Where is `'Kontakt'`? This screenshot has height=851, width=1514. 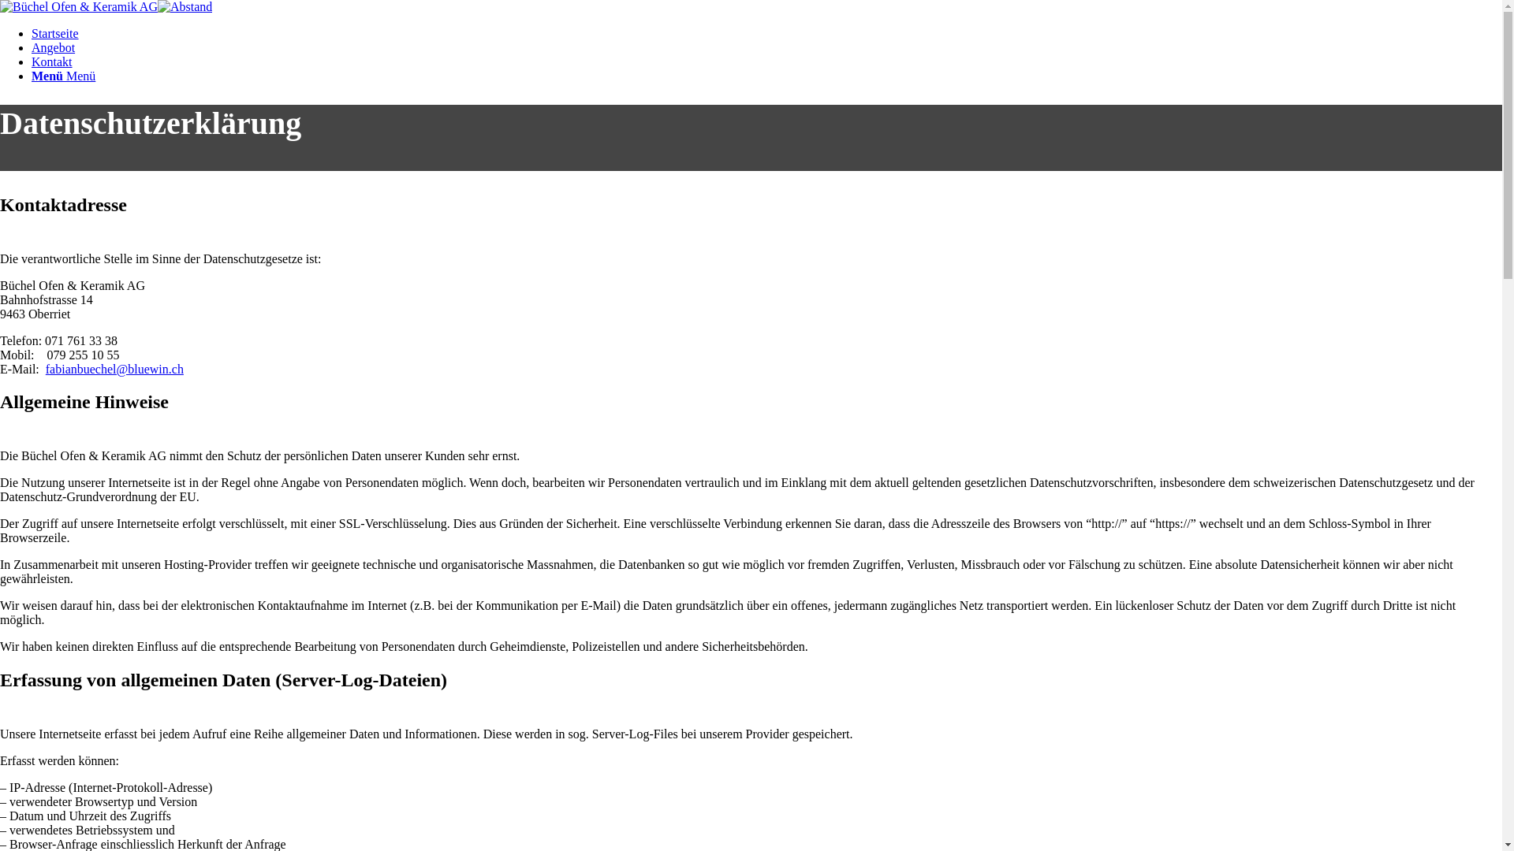 'Kontakt' is located at coordinates (31, 61).